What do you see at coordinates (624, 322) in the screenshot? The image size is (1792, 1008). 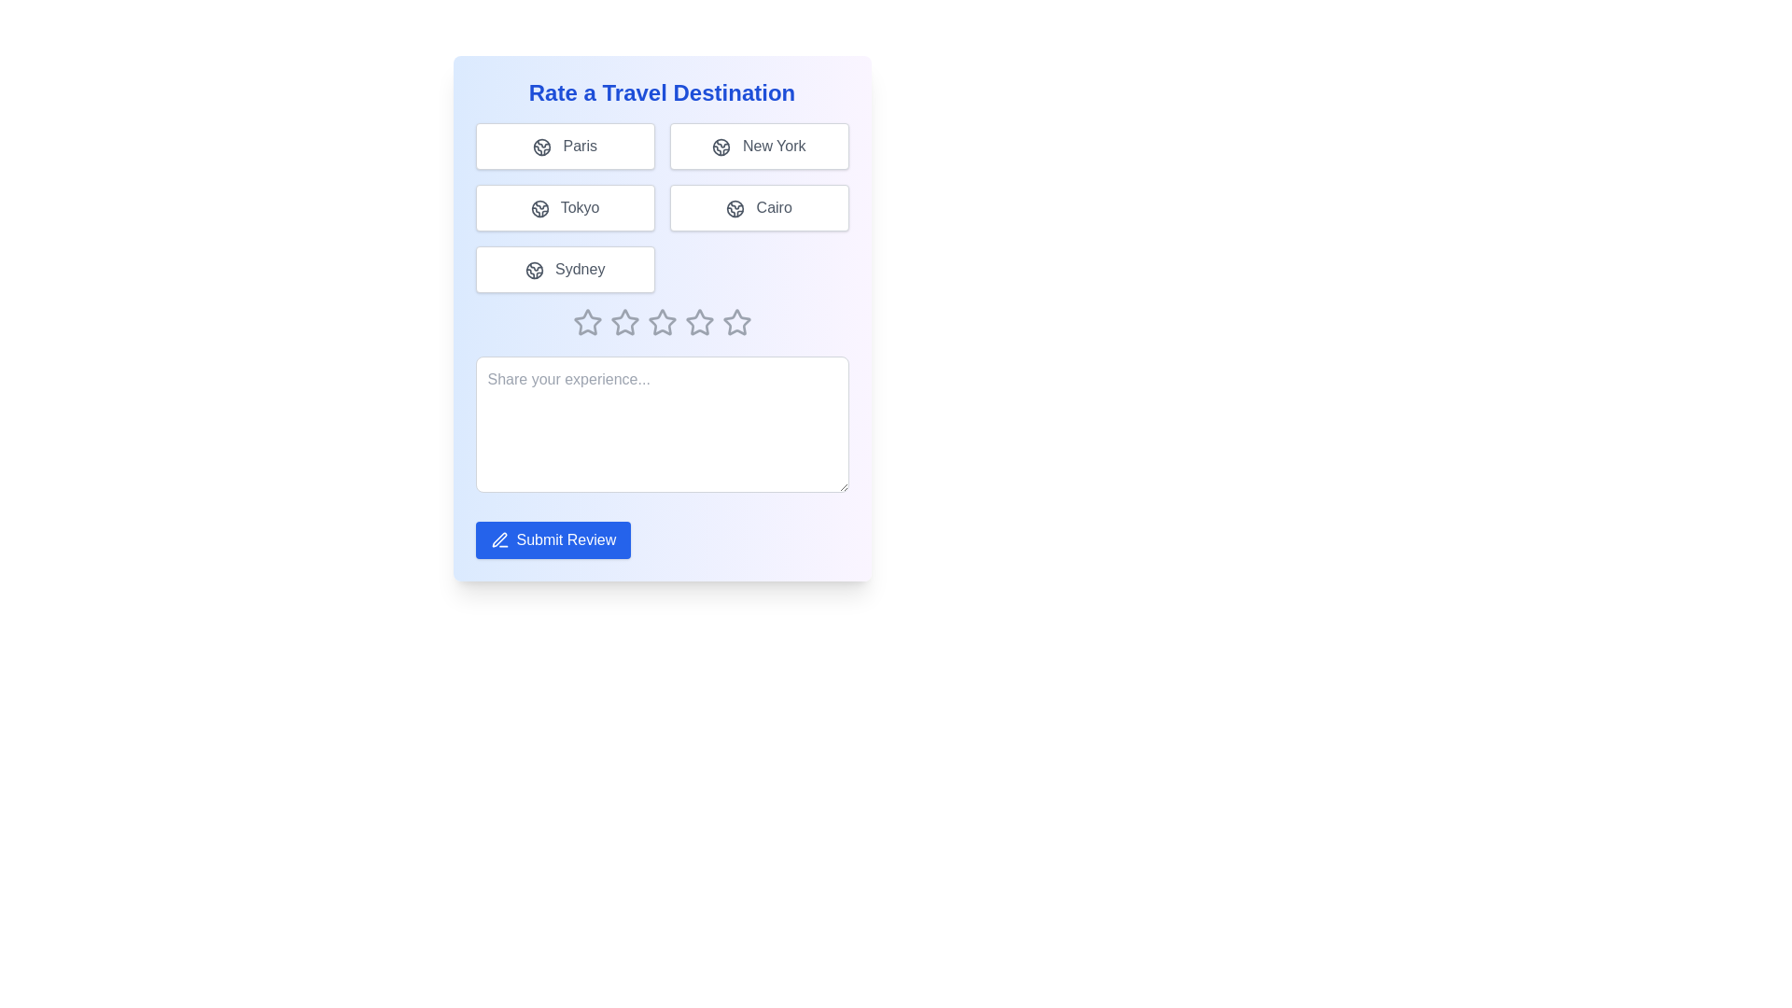 I see `the third star in the rating widget below 'Rate a Travel Destination'` at bounding box center [624, 322].